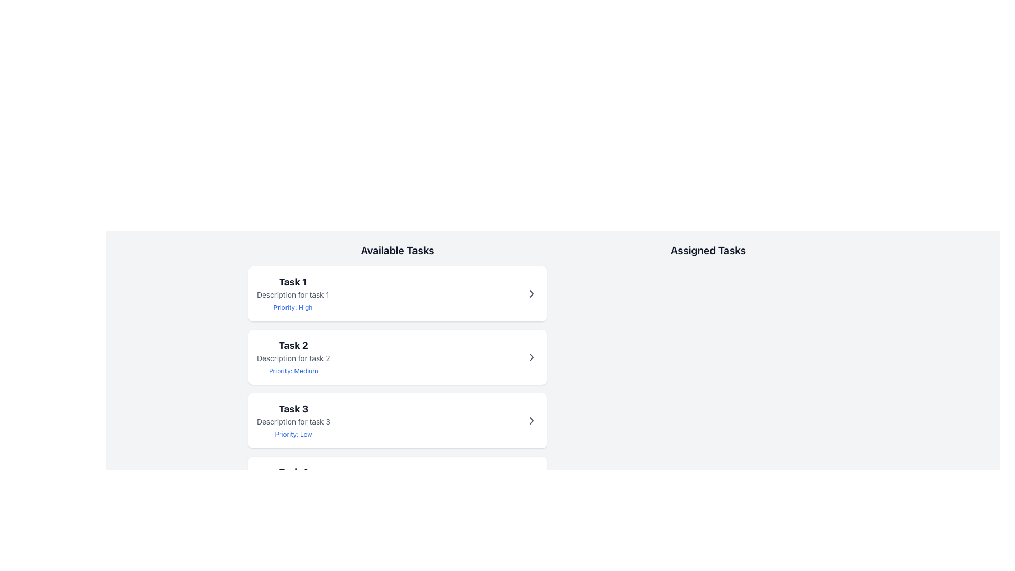  What do you see at coordinates (532, 357) in the screenshot?
I see `the chevron SVG icon representing Task 2 in the 'Available Tasks' column to check for any appearance change` at bounding box center [532, 357].